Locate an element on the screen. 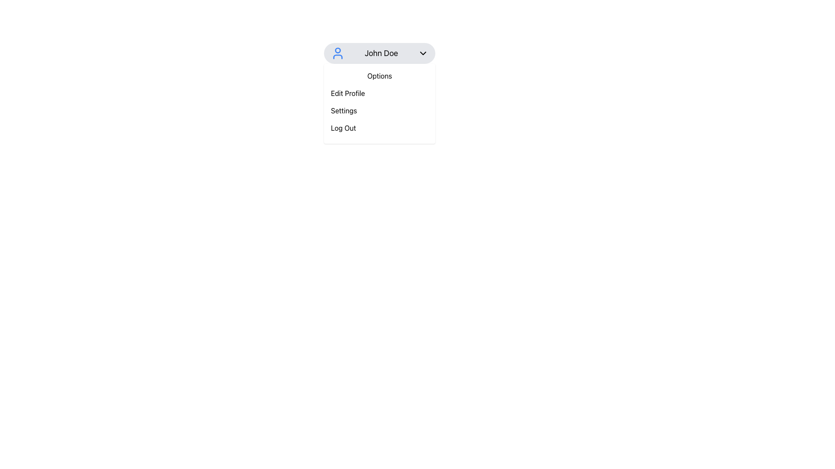  the circular icon within the SVG that is part of a user icon in the dropdown interface is located at coordinates (337, 50).